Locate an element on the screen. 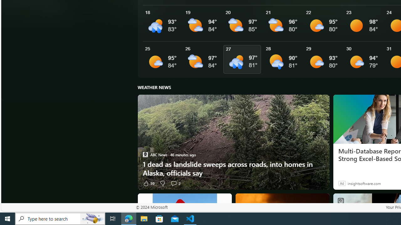 Image resolution: width=401 pixels, height=225 pixels. 'ABC News' is located at coordinates (145, 155).